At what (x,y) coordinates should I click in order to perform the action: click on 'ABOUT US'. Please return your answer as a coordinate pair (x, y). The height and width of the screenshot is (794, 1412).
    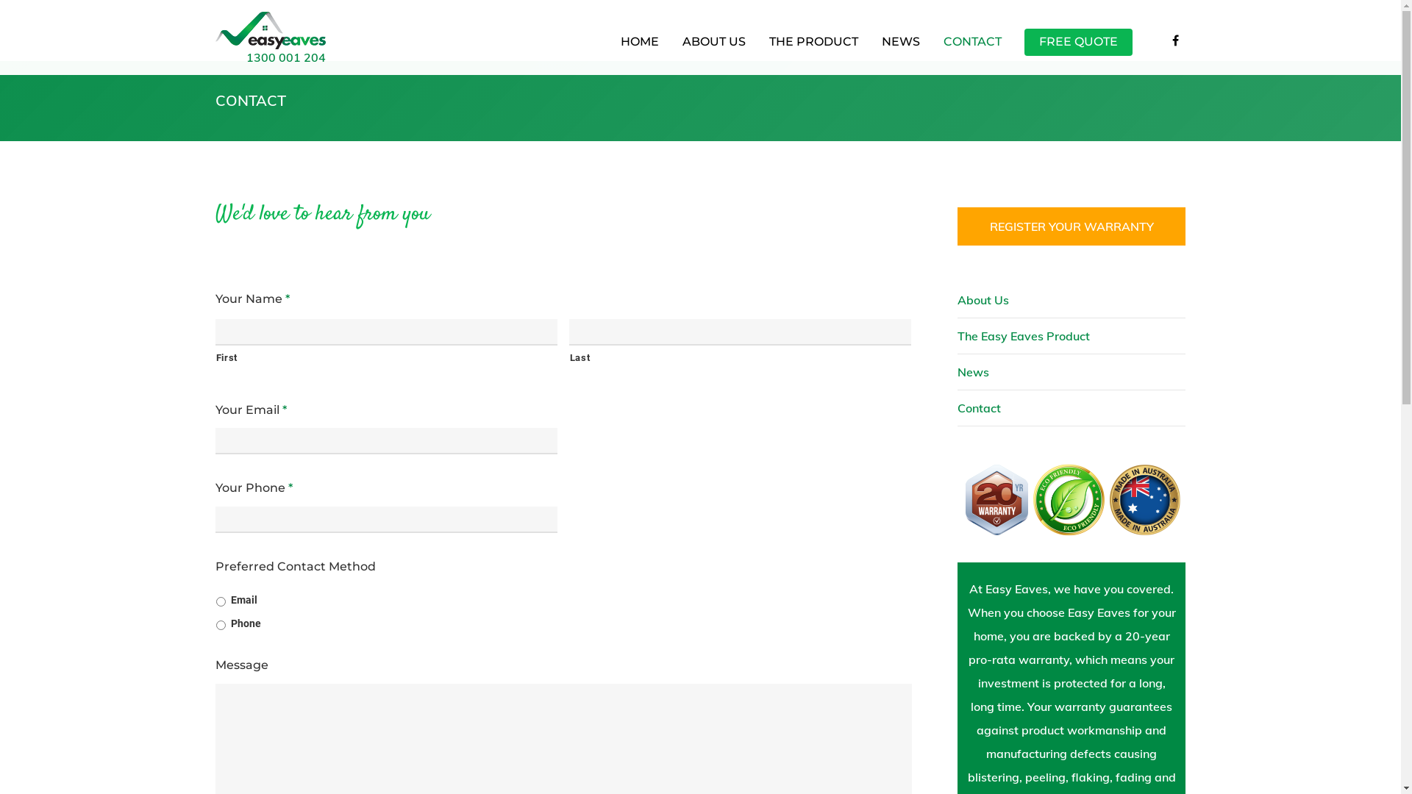
    Looking at the image, I should click on (670, 47).